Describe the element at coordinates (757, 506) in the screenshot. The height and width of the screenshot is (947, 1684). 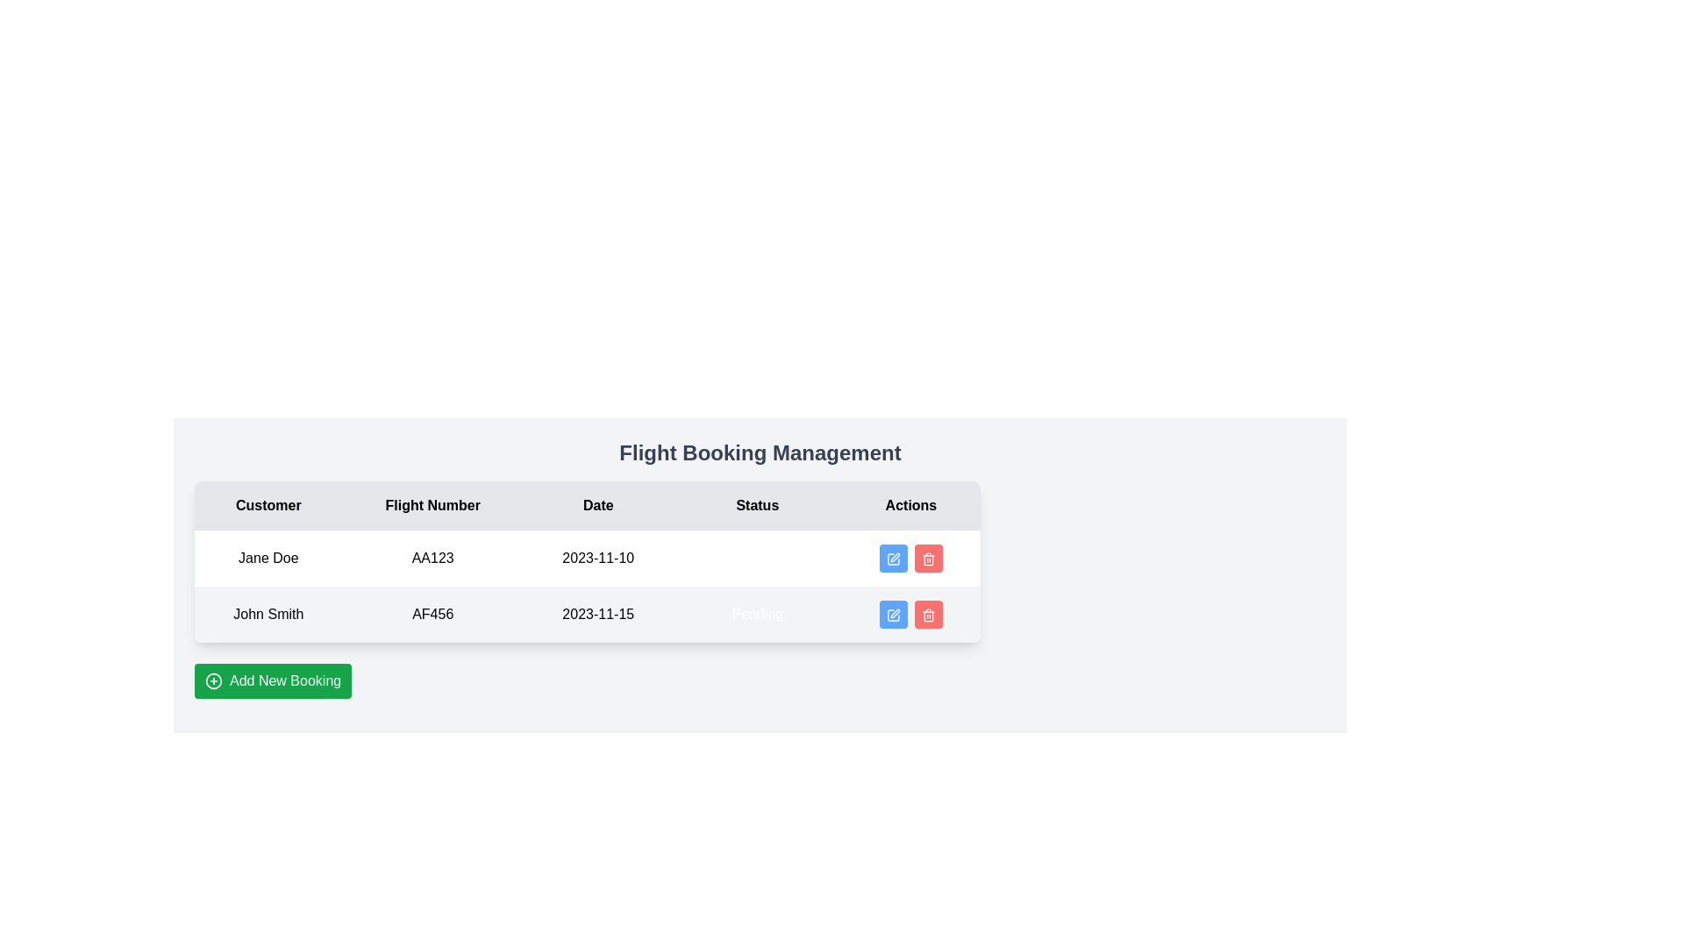
I see `the 'Status' column header in the table, which is the fourth header located between the 'Date' and 'Actions' headers` at that location.